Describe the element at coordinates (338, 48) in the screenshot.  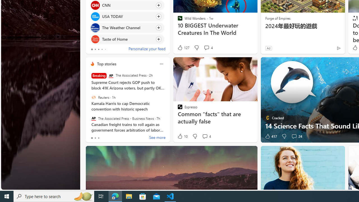
I see `'Ad Choice'` at that location.